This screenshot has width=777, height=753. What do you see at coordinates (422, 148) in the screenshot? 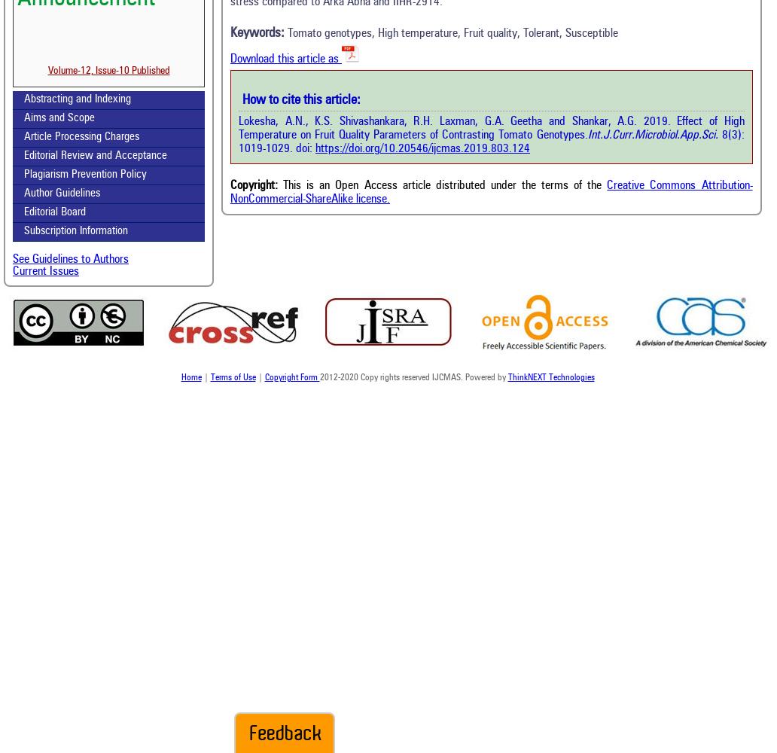
I see `'https://doi.org/10.20546/ijcmas.2019.803.124'` at bounding box center [422, 148].